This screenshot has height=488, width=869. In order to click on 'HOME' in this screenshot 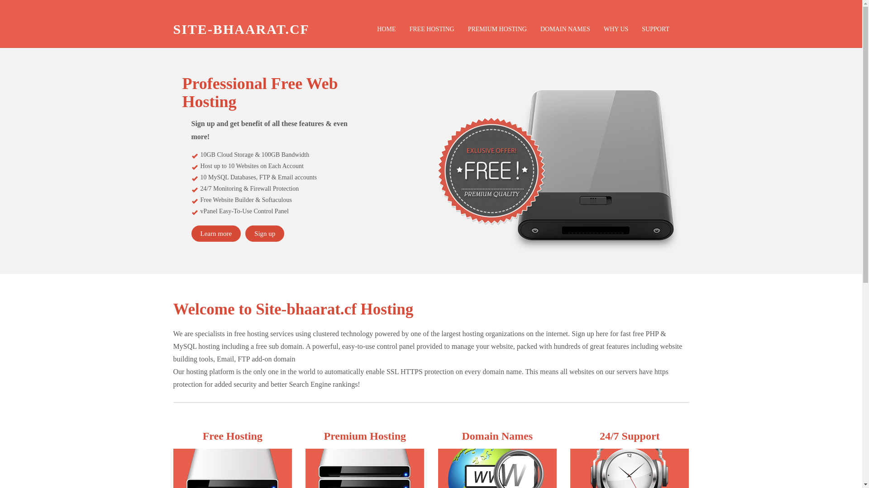, I will do `click(386, 29)`.